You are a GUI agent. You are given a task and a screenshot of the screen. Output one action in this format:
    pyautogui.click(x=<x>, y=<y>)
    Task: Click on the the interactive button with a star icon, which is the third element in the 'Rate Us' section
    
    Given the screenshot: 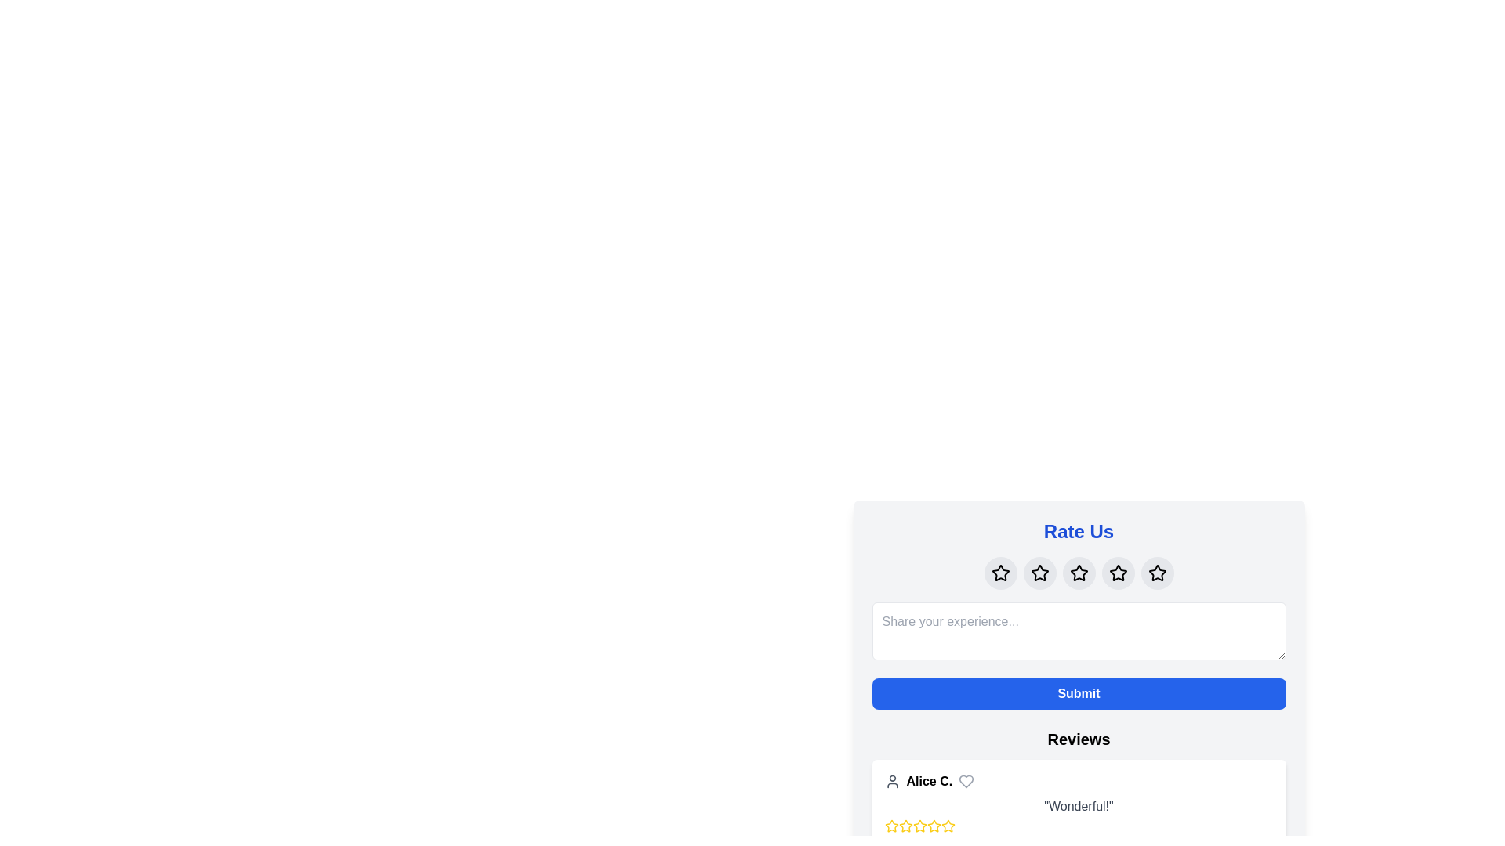 What is the action you would take?
    pyautogui.click(x=1039, y=573)
    